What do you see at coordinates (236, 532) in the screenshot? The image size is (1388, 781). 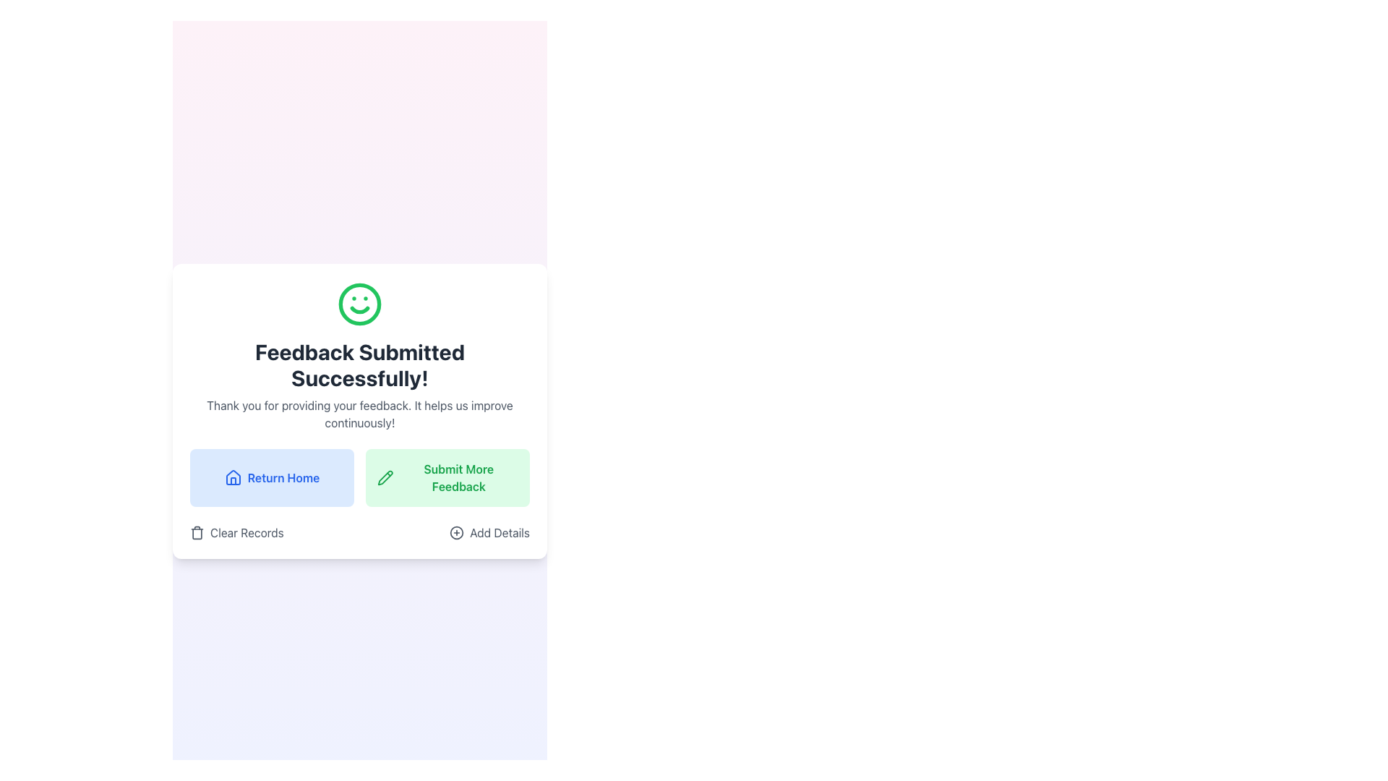 I see `the clear records button located in the bottom row of the card-like interface, positioned to the left of 'Add Details'` at bounding box center [236, 532].